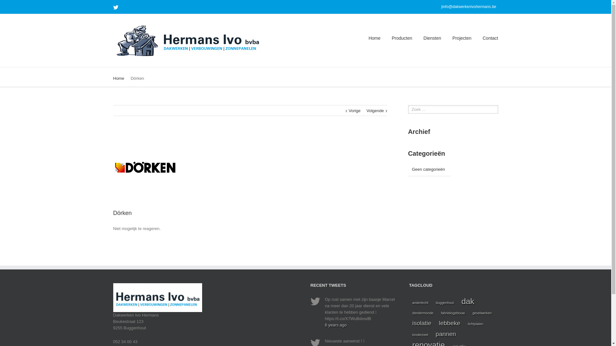  Describe the element at coordinates (374, 38) in the screenshot. I see `'Home'` at that location.